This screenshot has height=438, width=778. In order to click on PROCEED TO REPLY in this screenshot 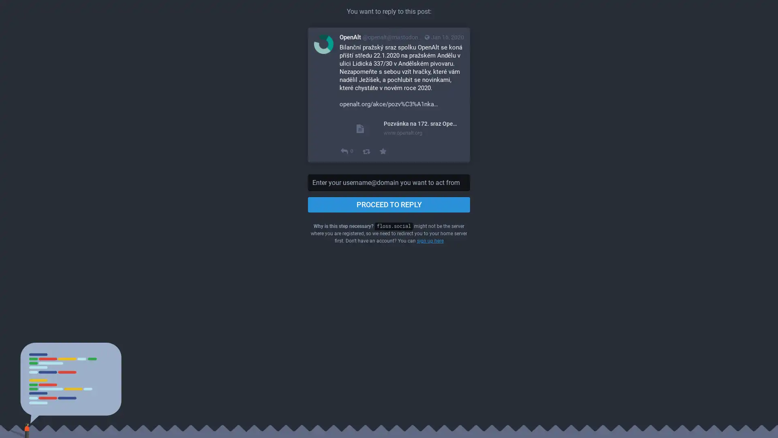, I will do `click(389, 204)`.